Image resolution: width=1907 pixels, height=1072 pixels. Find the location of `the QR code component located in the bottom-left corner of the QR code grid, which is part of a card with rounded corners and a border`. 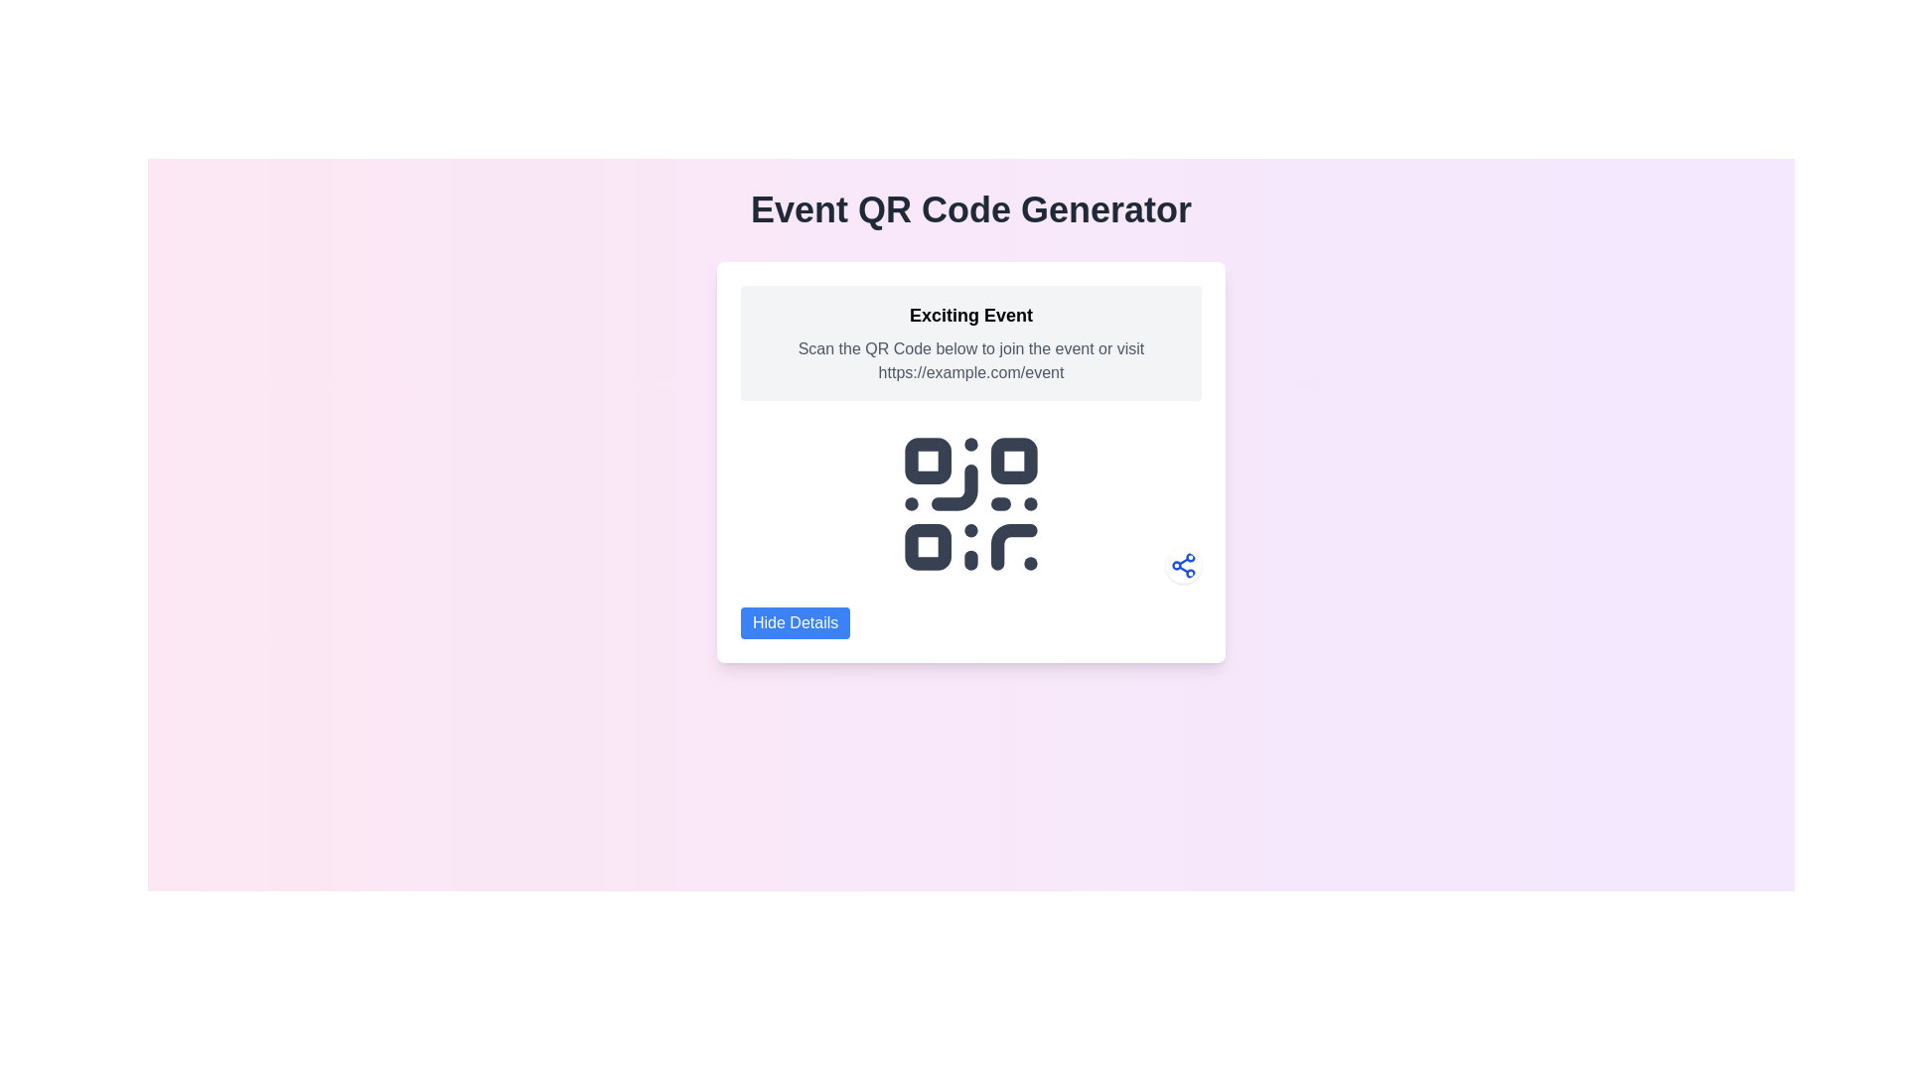

the QR code component located in the bottom-left corner of the QR code grid, which is part of a card with rounded corners and a border is located at coordinates (927, 547).